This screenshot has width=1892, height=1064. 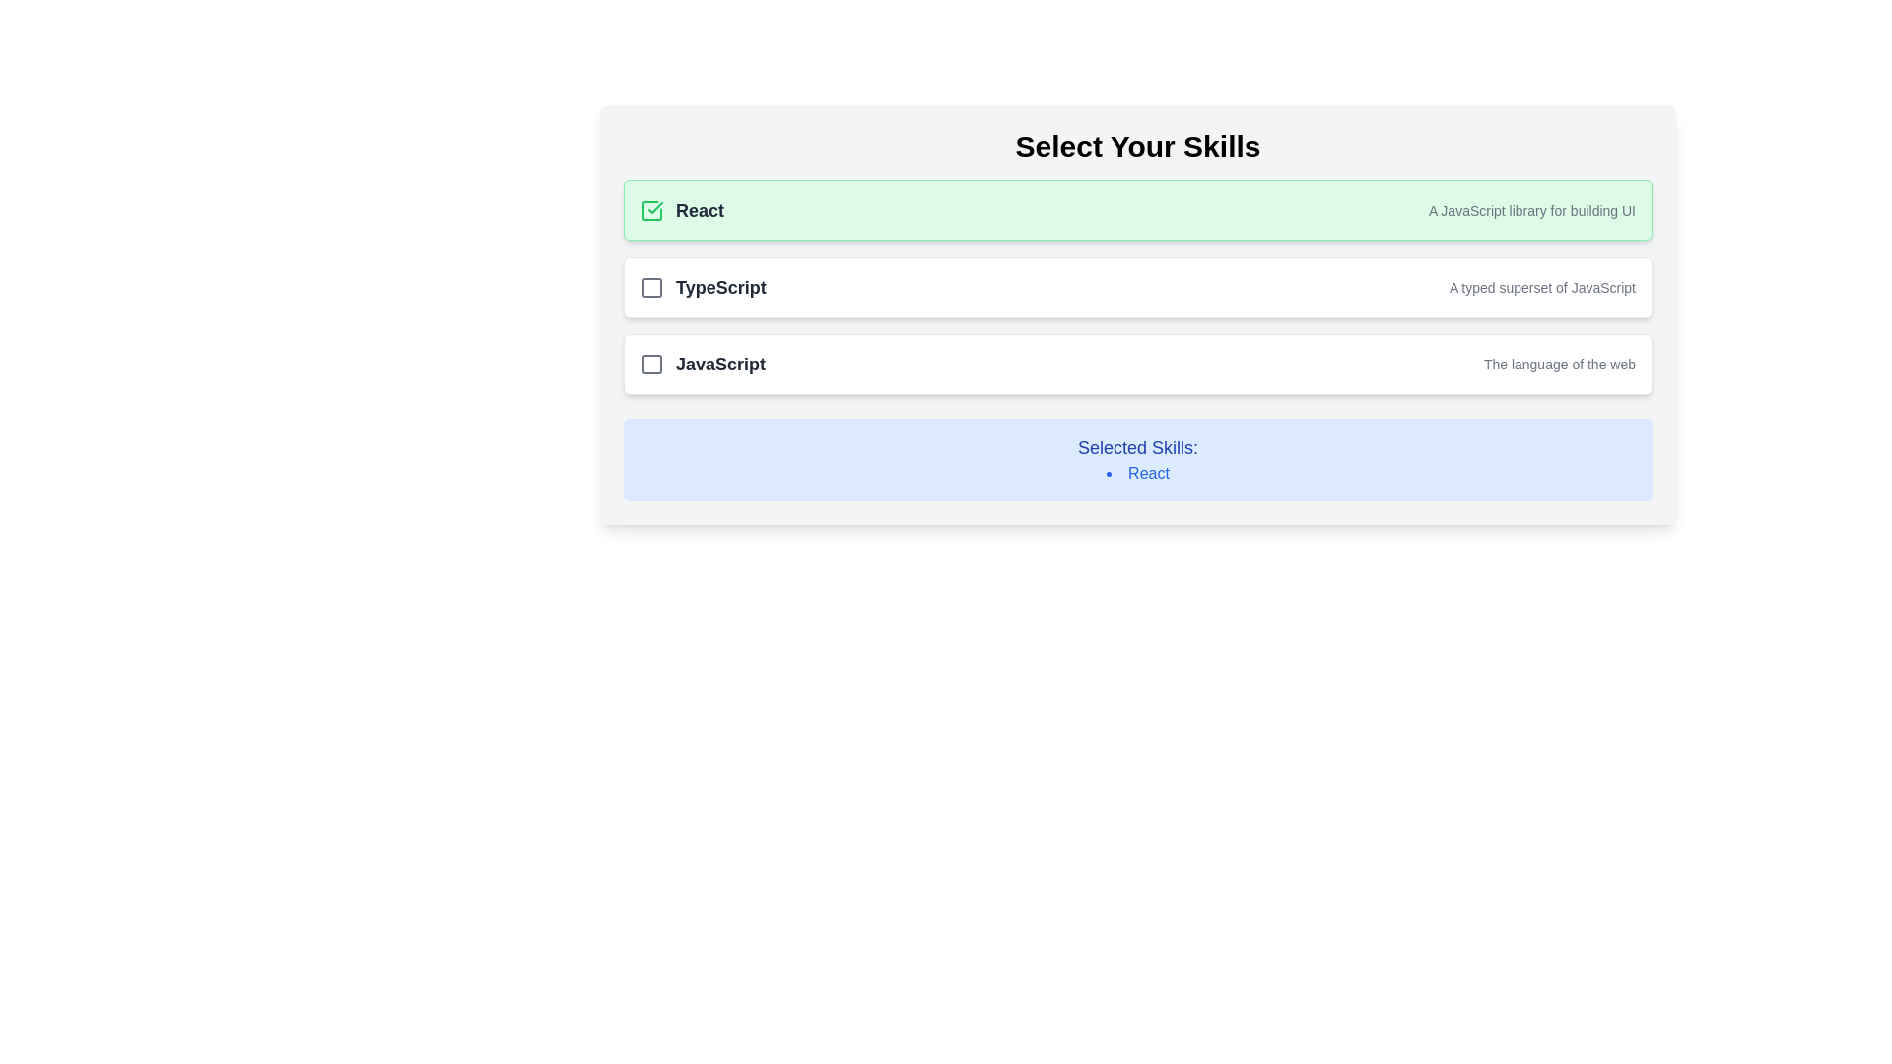 I want to click on contents of the Informational panel with a blue background that displays 'Selected Skills:' and a bulleted list with 'React', so click(x=1138, y=459).